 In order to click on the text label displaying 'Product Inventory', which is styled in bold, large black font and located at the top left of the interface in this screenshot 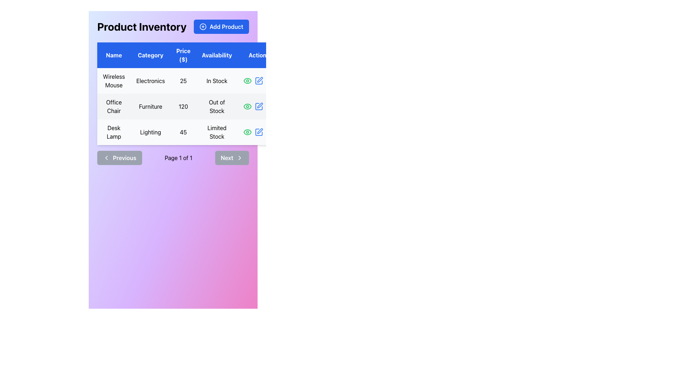, I will do `click(142, 26)`.